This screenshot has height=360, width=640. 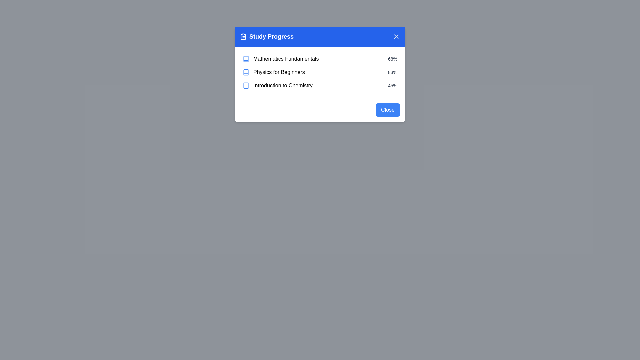 I want to click on the text element displaying '45%' which is located to the right of the 'Introduction to Chemistry' entry in the study progress list, so click(x=392, y=85).